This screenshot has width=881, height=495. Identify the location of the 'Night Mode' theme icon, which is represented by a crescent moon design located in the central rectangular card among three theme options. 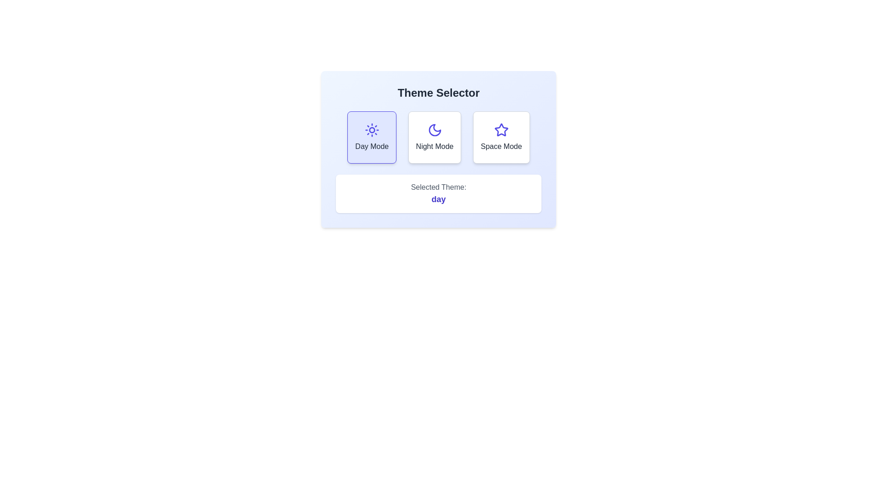
(434, 130).